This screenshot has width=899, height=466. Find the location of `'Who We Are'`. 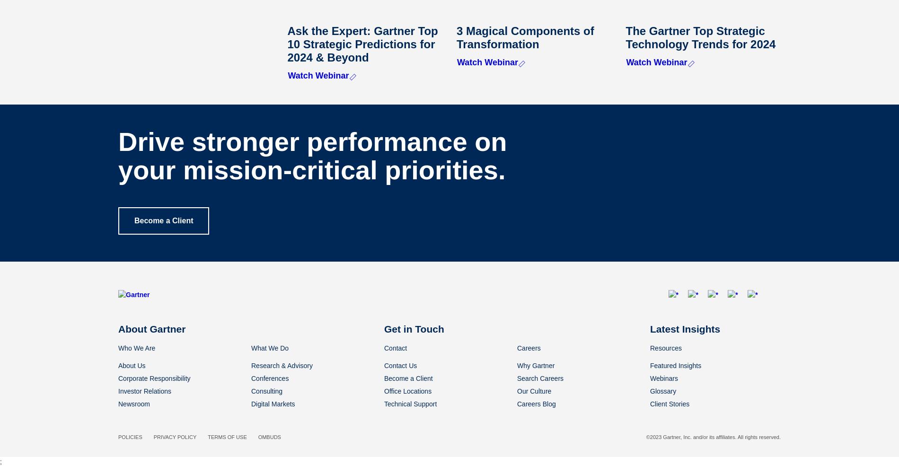

'Who We Are' is located at coordinates (136, 348).